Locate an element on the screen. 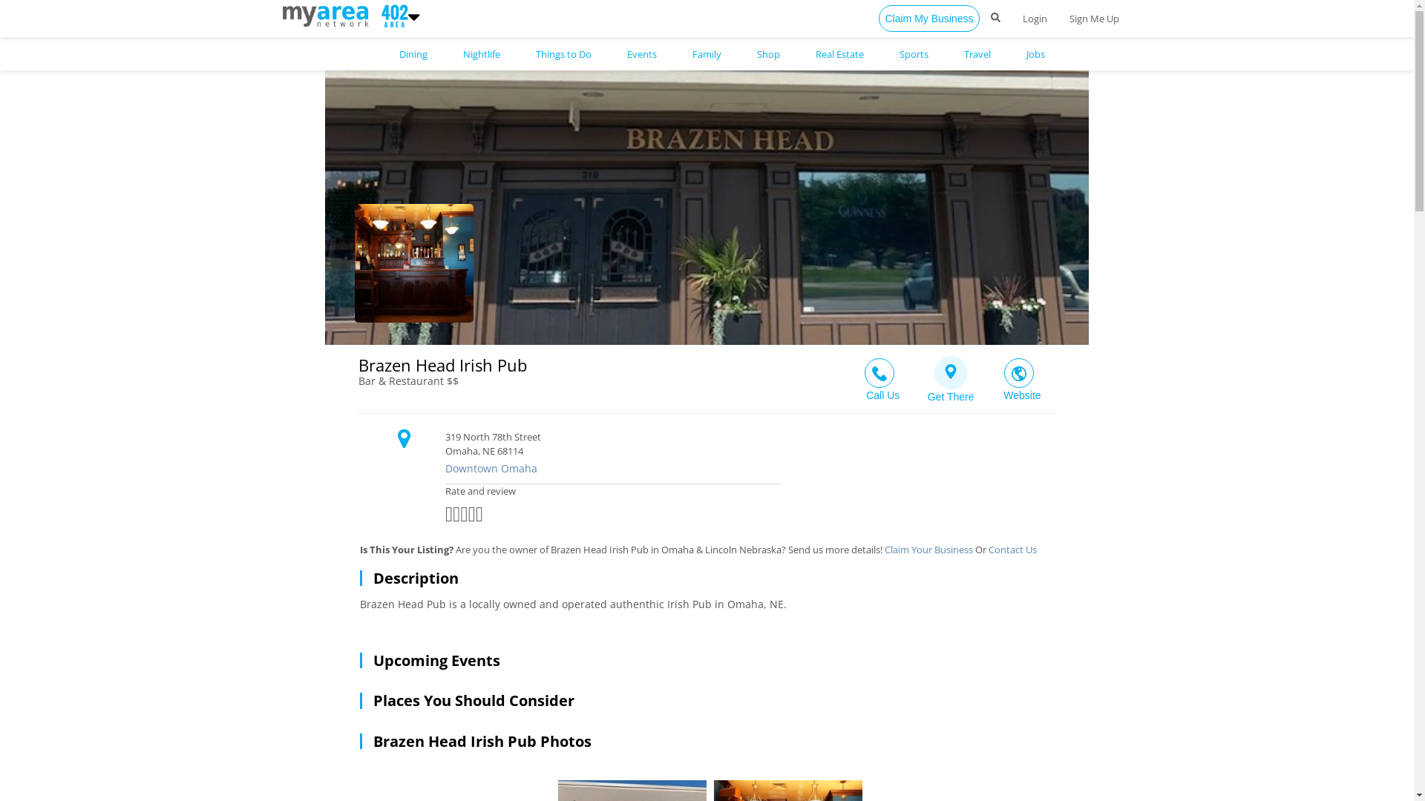 This screenshot has height=801, width=1425. 'Get There' is located at coordinates (951, 374).